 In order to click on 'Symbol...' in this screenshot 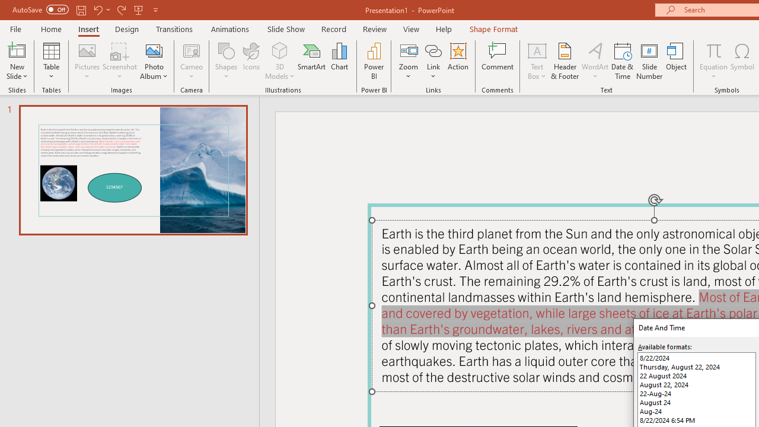, I will do `click(742, 61)`.